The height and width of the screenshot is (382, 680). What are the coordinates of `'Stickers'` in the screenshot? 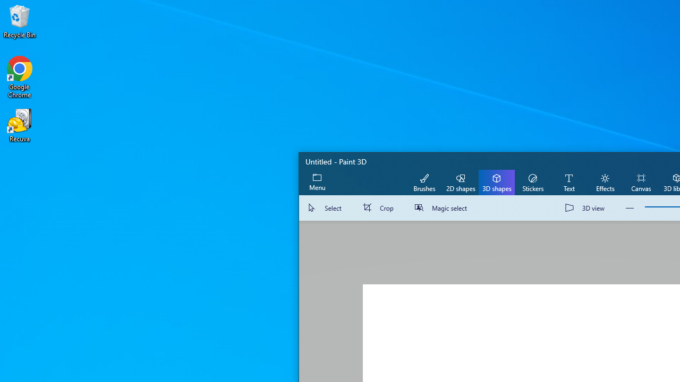 It's located at (532, 181).